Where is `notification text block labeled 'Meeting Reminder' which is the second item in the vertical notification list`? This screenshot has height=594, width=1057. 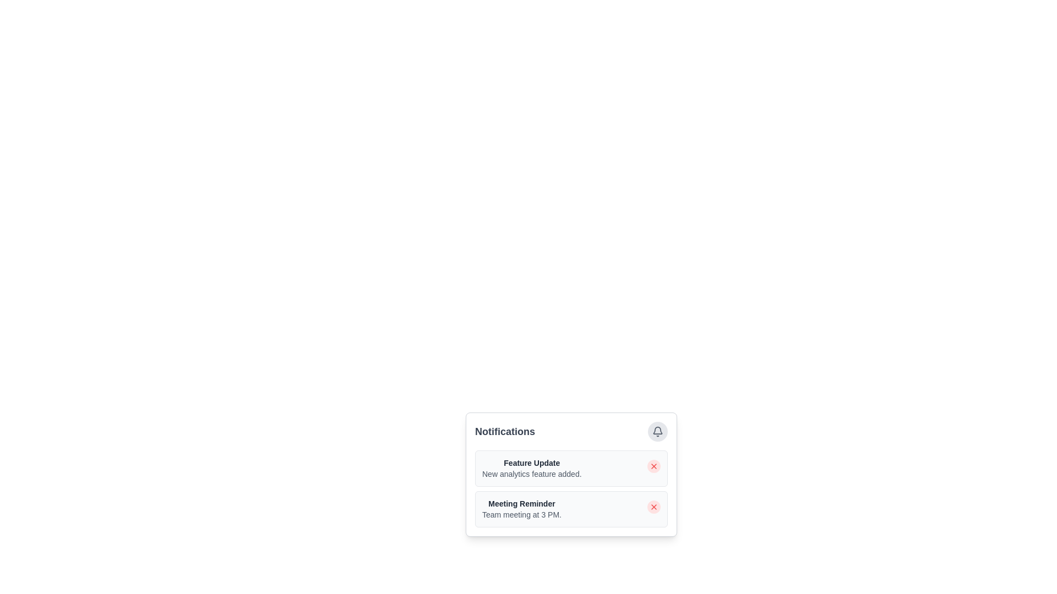
notification text block labeled 'Meeting Reminder' which is the second item in the vertical notification list is located at coordinates (521, 509).